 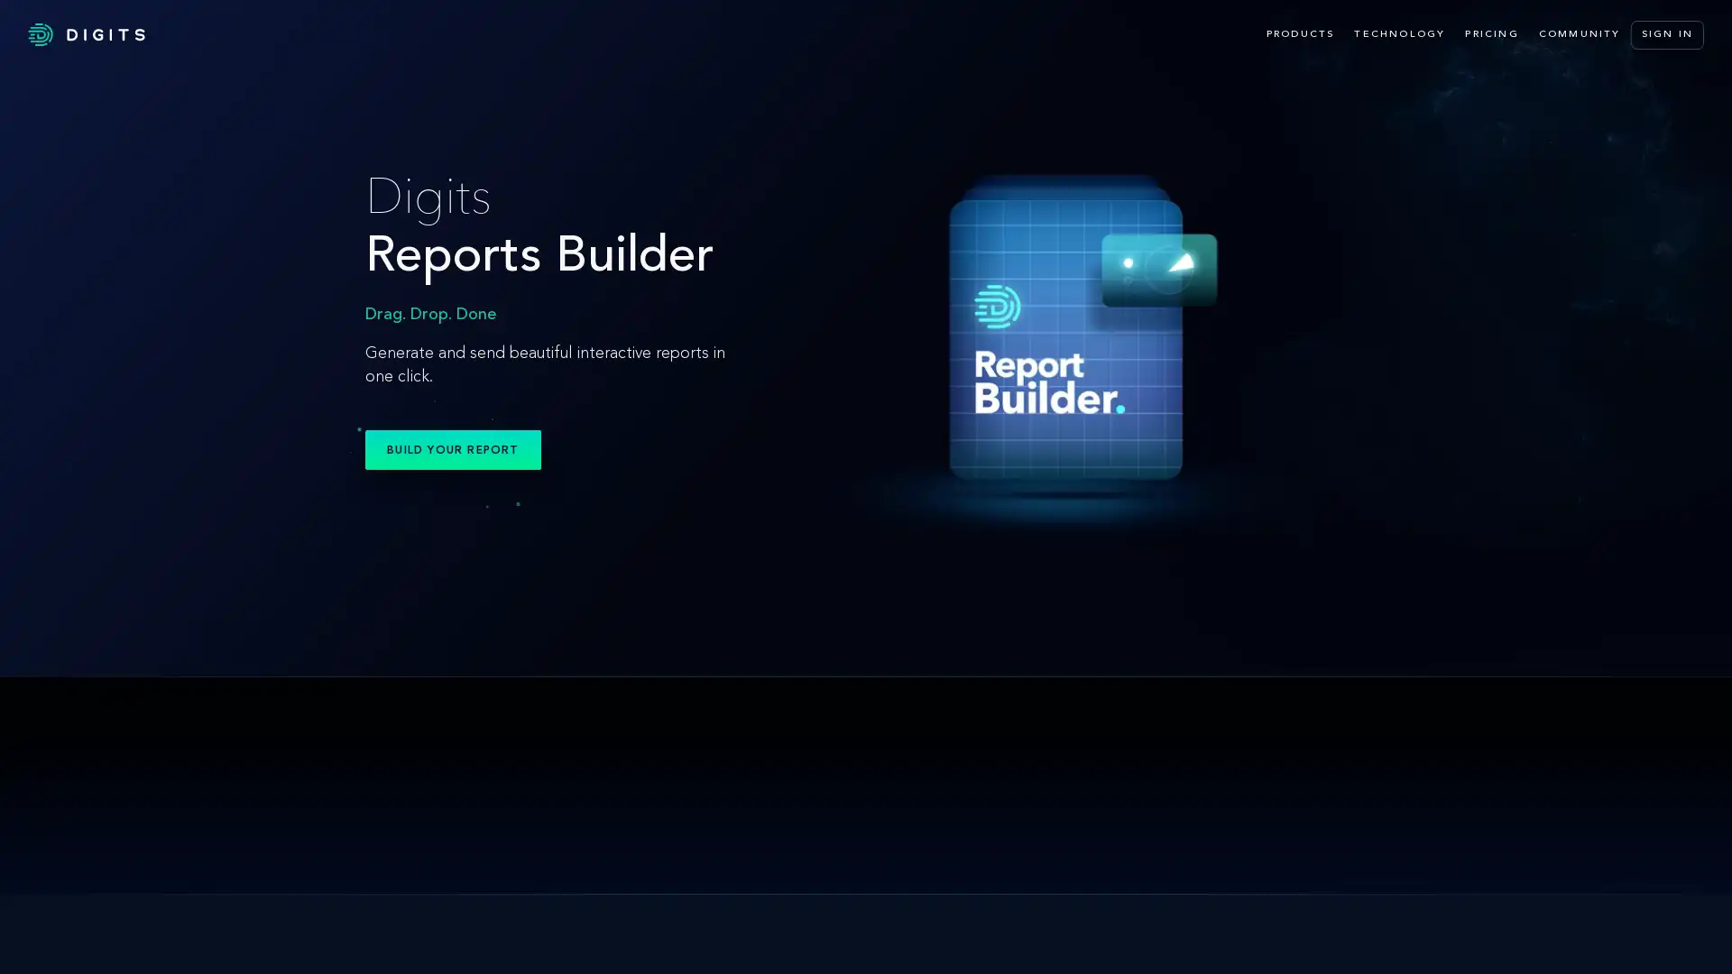 I want to click on Digits Boost, so click(x=1082, y=562).